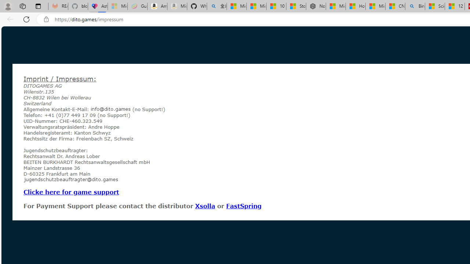 The height and width of the screenshot is (264, 470). I want to click on 'Asthma Inhalers: Names and Types', so click(97, 6).